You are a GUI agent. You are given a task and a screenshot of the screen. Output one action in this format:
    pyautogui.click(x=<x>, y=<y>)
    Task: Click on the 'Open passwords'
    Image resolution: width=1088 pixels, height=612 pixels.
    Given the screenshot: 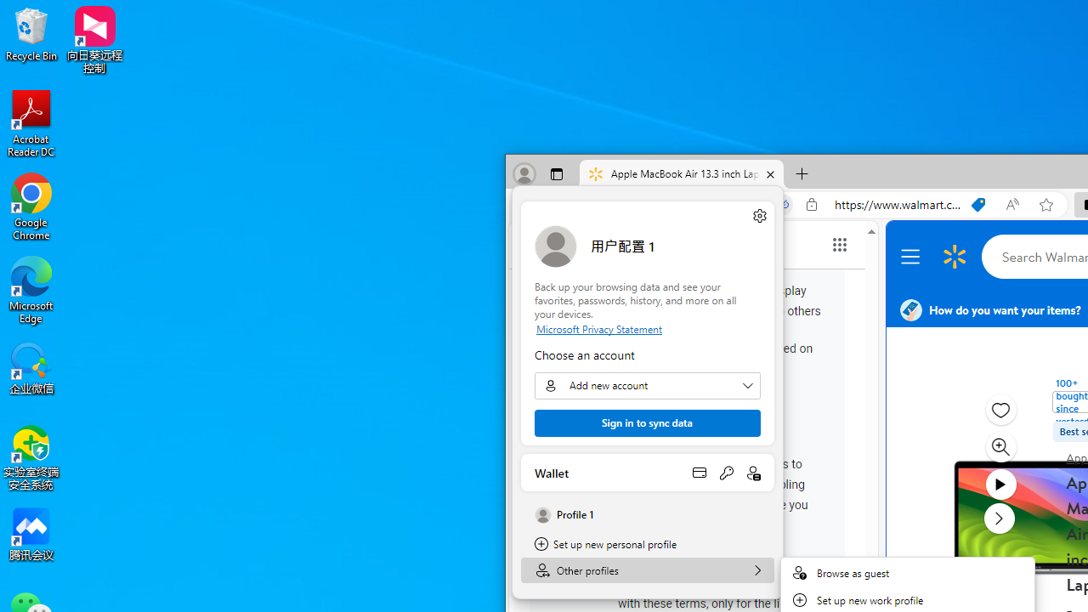 What is the action you would take?
    pyautogui.click(x=726, y=472)
    